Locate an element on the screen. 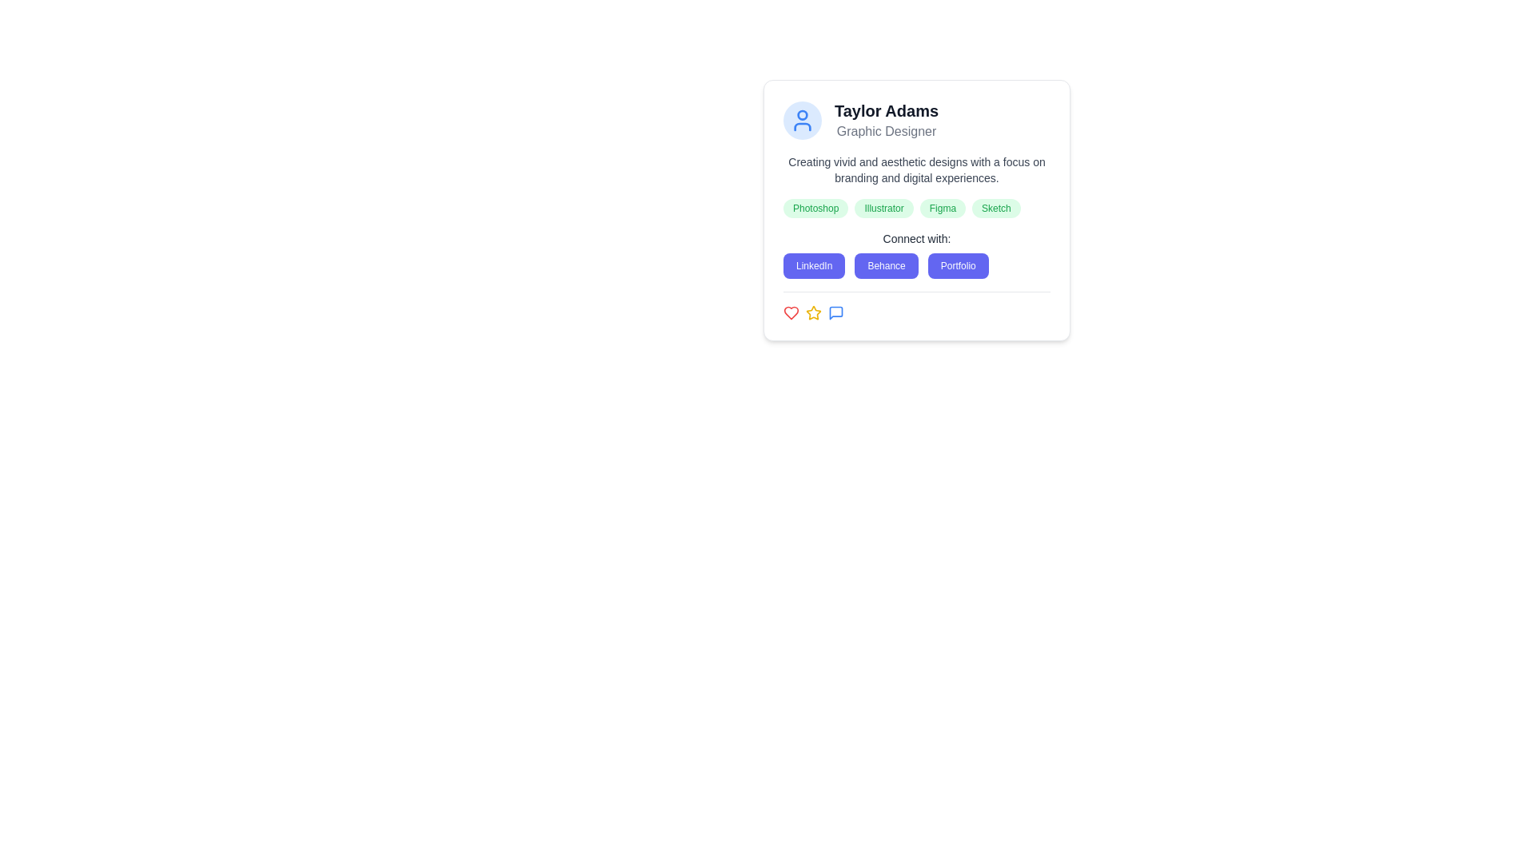  the name and title information displayed in the text block, which is centrally positioned within the card layout to the right of a circular blue icon with a user overlay is located at coordinates (885, 119).